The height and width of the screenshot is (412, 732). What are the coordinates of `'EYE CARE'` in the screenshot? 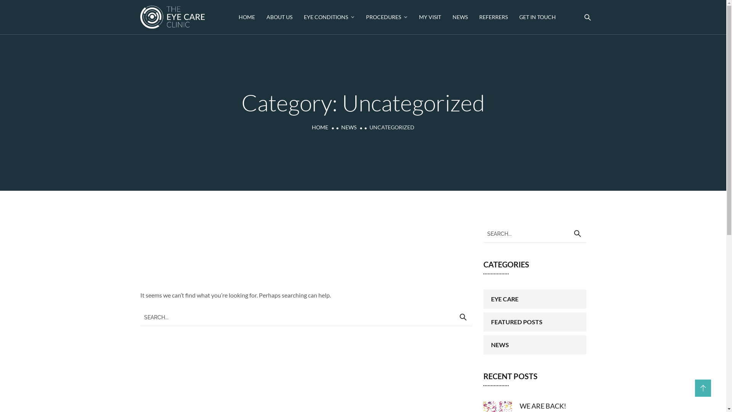 It's located at (534, 298).